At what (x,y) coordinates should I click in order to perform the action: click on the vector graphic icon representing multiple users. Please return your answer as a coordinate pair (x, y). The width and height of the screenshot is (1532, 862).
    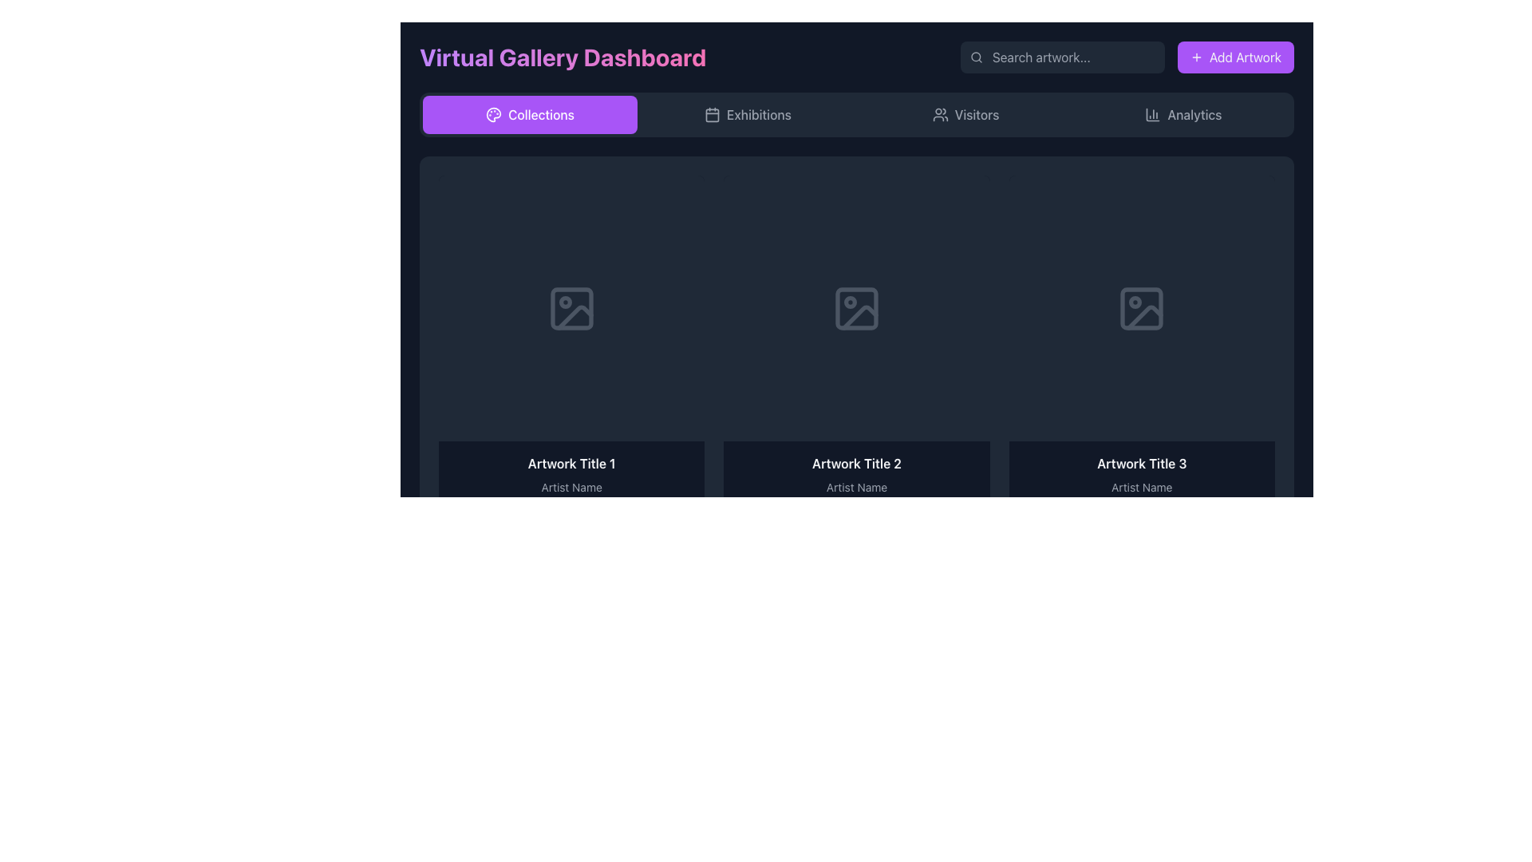
    Looking at the image, I should click on (940, 113).